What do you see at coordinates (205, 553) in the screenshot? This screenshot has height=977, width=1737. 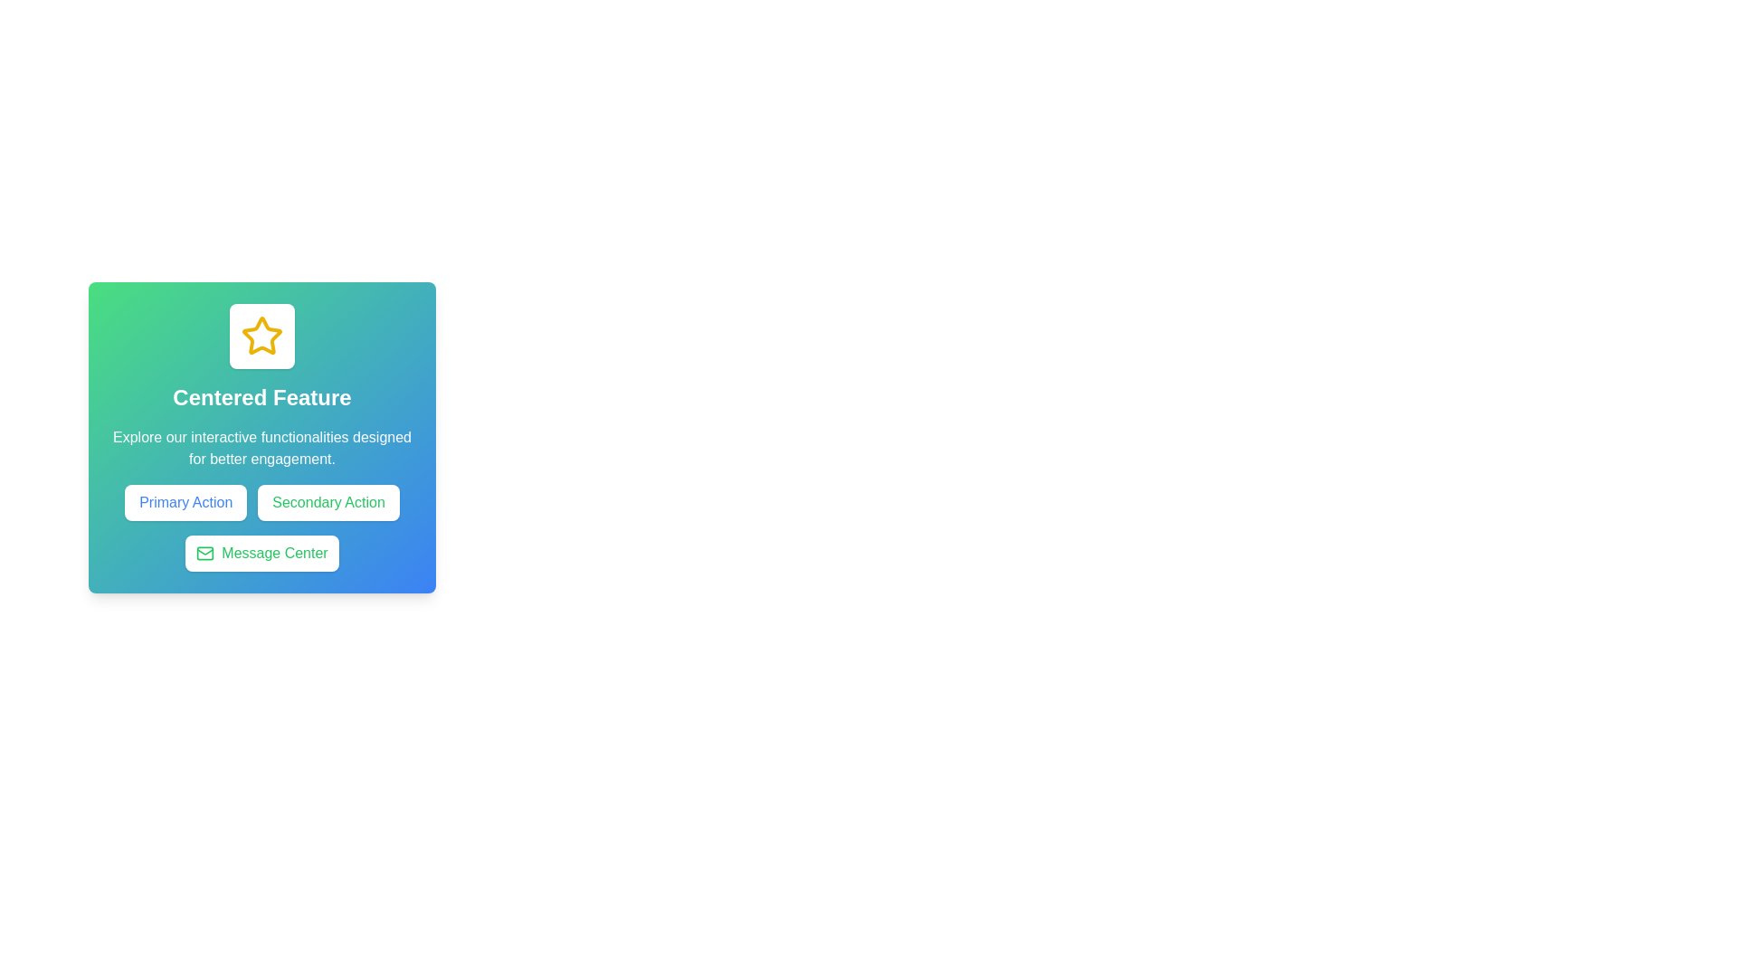 I see `the envelope icon representing the mail or message functionality located at the leftmost position inside the 'Message Center' button` at bounding box center [205, 553].